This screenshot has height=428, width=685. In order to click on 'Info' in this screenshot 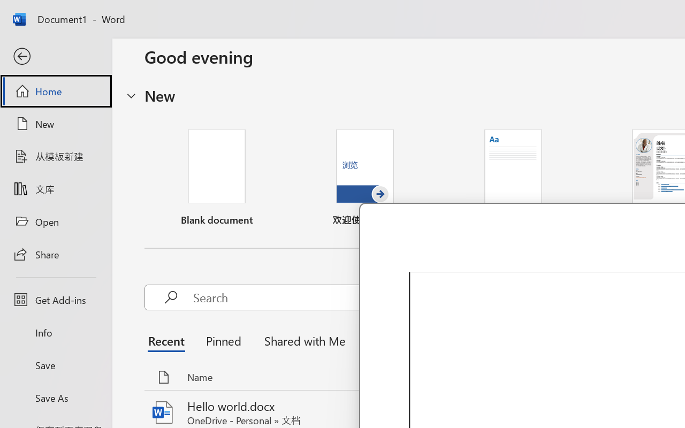, I will do `click(55, 332)`.